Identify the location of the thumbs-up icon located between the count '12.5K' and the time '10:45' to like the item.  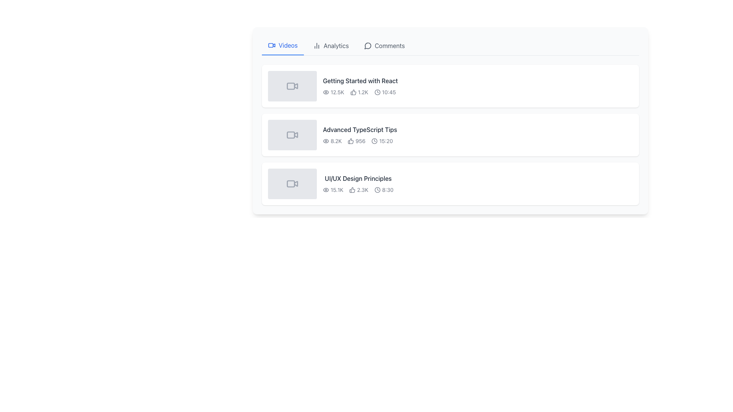
(359, 92).